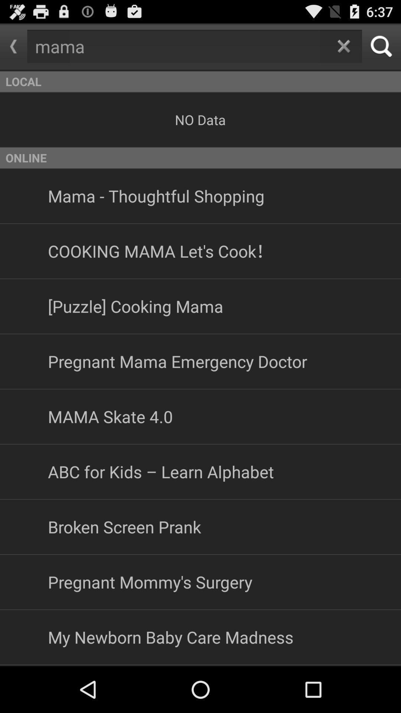  Describe the element at coordinates (13, 46) in the screenshot. I see `the app above local icon` at that location.